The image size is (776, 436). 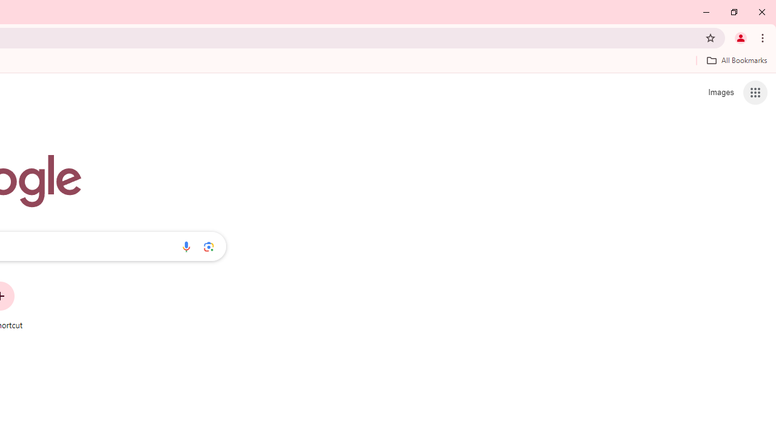 I want to click on 'Search for Images ', so click(x=721, y=92).